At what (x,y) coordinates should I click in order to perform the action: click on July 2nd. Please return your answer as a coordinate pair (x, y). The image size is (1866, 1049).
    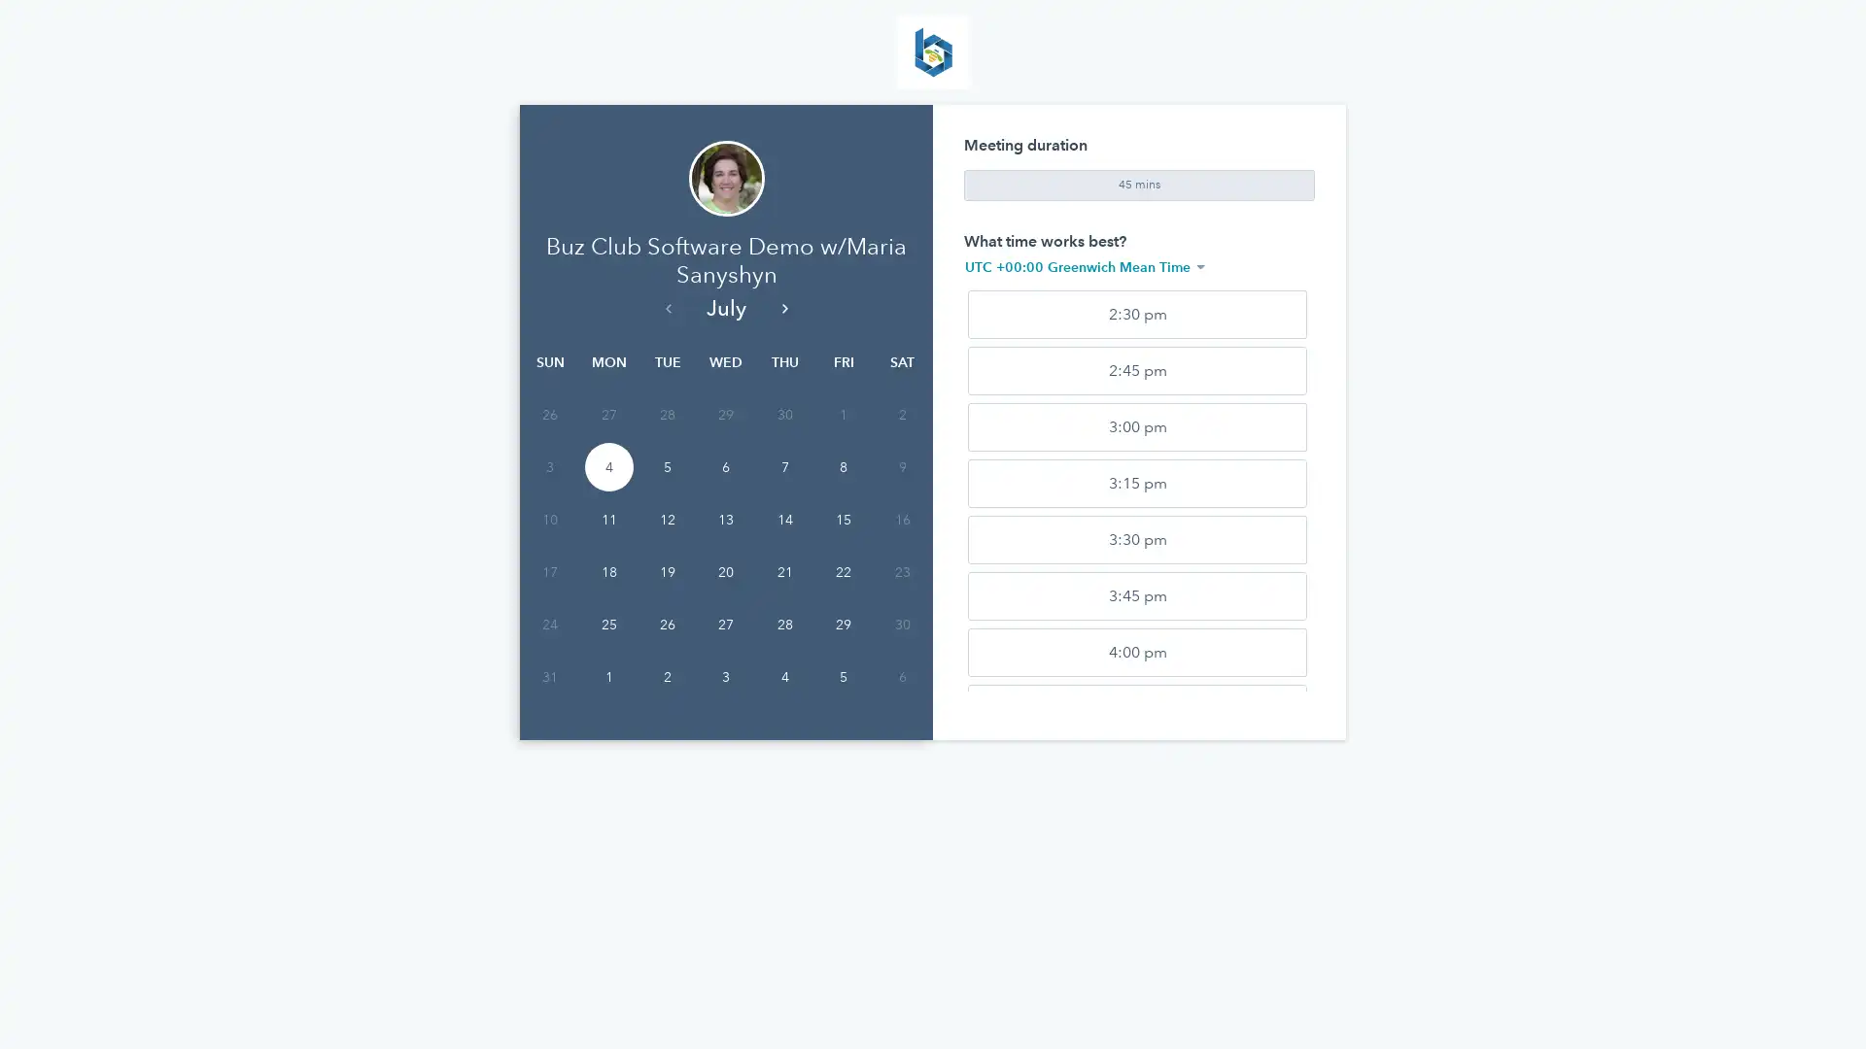
    Looking at the image, I should click on (900, 414).